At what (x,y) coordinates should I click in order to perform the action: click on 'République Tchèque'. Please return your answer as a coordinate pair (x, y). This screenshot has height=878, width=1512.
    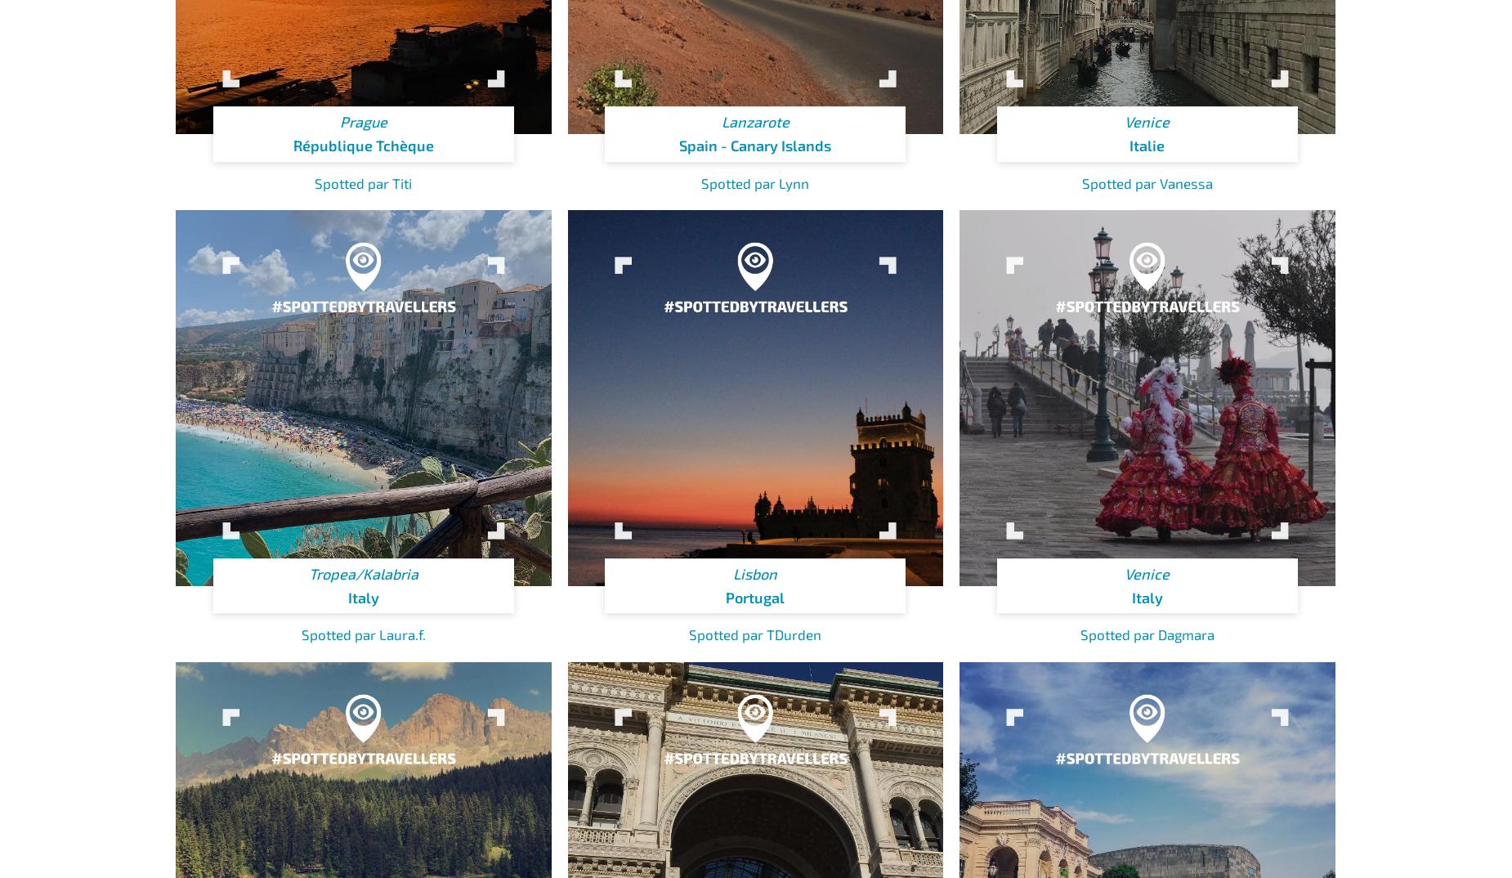
    Looking at the image, I should click on (362, 145).